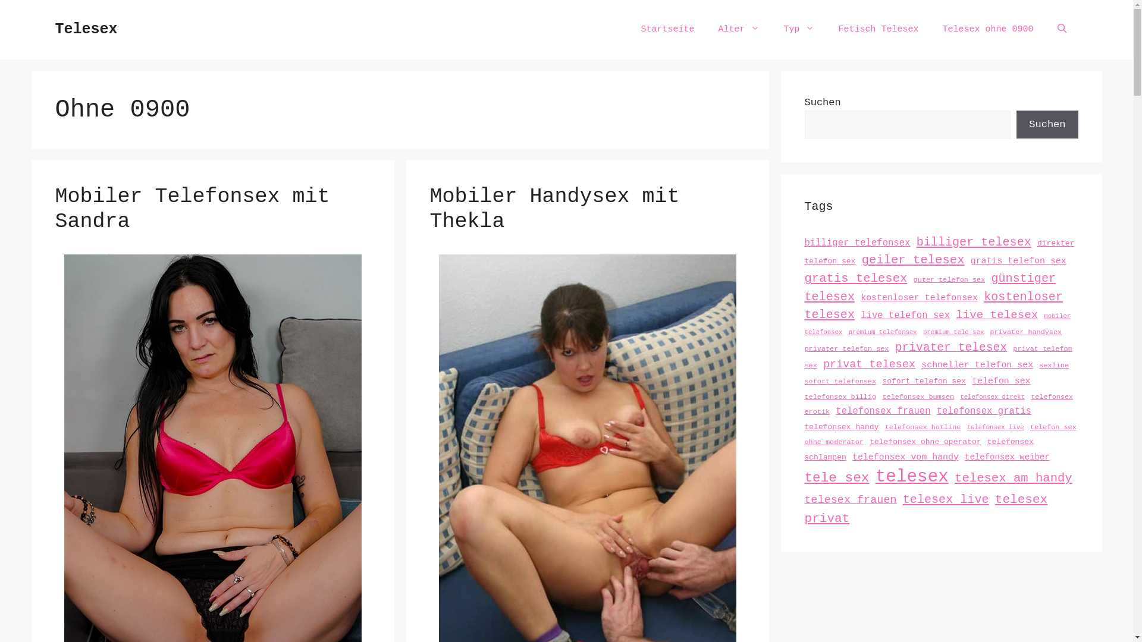  What do you see at coordinates (918, 449) in the screenshot?
I see `'telefonsex schlampen'` at bounding box center [918, 449].